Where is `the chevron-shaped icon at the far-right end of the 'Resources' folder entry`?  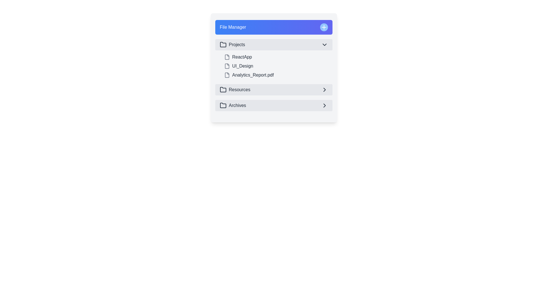
the chevron-shaped icon at the far-right end of the 'Resources' folder entry is located at coordinates (325, 90).